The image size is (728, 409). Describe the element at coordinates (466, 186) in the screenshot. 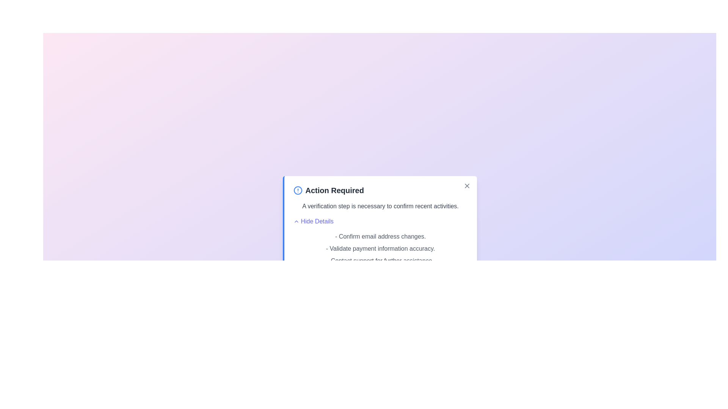

I see `the close button to hide the alert` at that location.